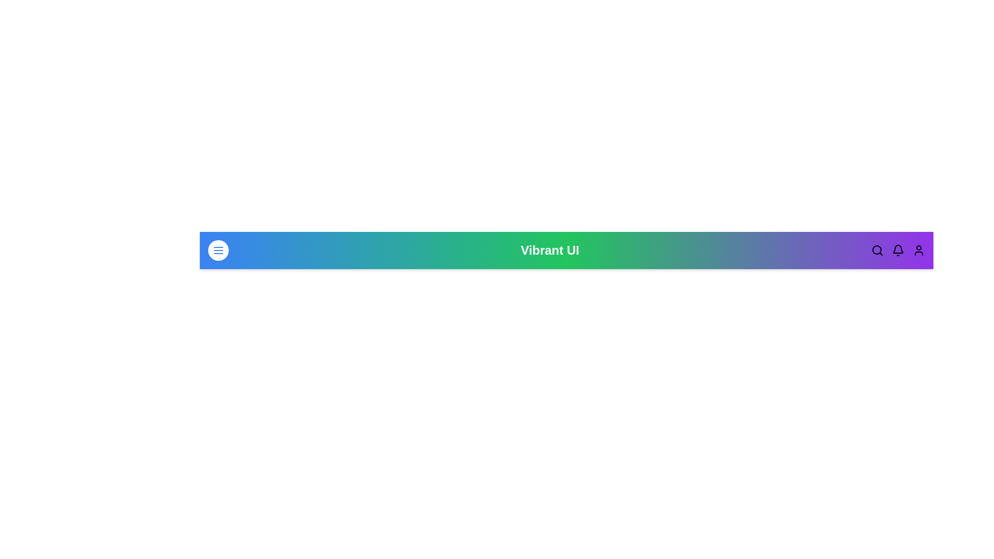  What do you see at coordinates (876, 250) in the screenshot?
I see `the search icon to initiate a search` at bounding box center [876, 250].